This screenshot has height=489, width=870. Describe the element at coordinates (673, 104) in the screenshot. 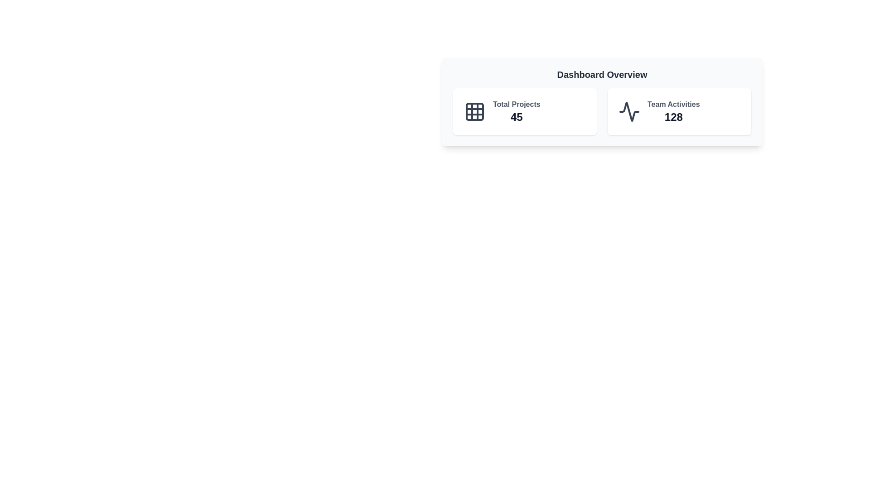

I see `the text label displaying 'Team Activities', which is styled with medium font size, gray color, and bold weight, located above the numeric value '128' in the 'Dashboard Overview' section` at that location.